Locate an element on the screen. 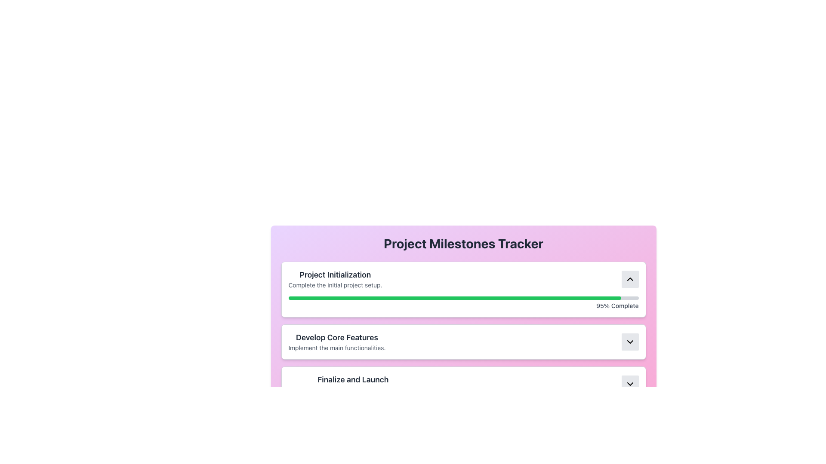 The height and width of the screenshot is (464, 826). the text label that reads 'Project Initialization', which is styled in a larger bold font and colored dark gray, located at the upper section of a milestone card is located at coordinates (335, 275).